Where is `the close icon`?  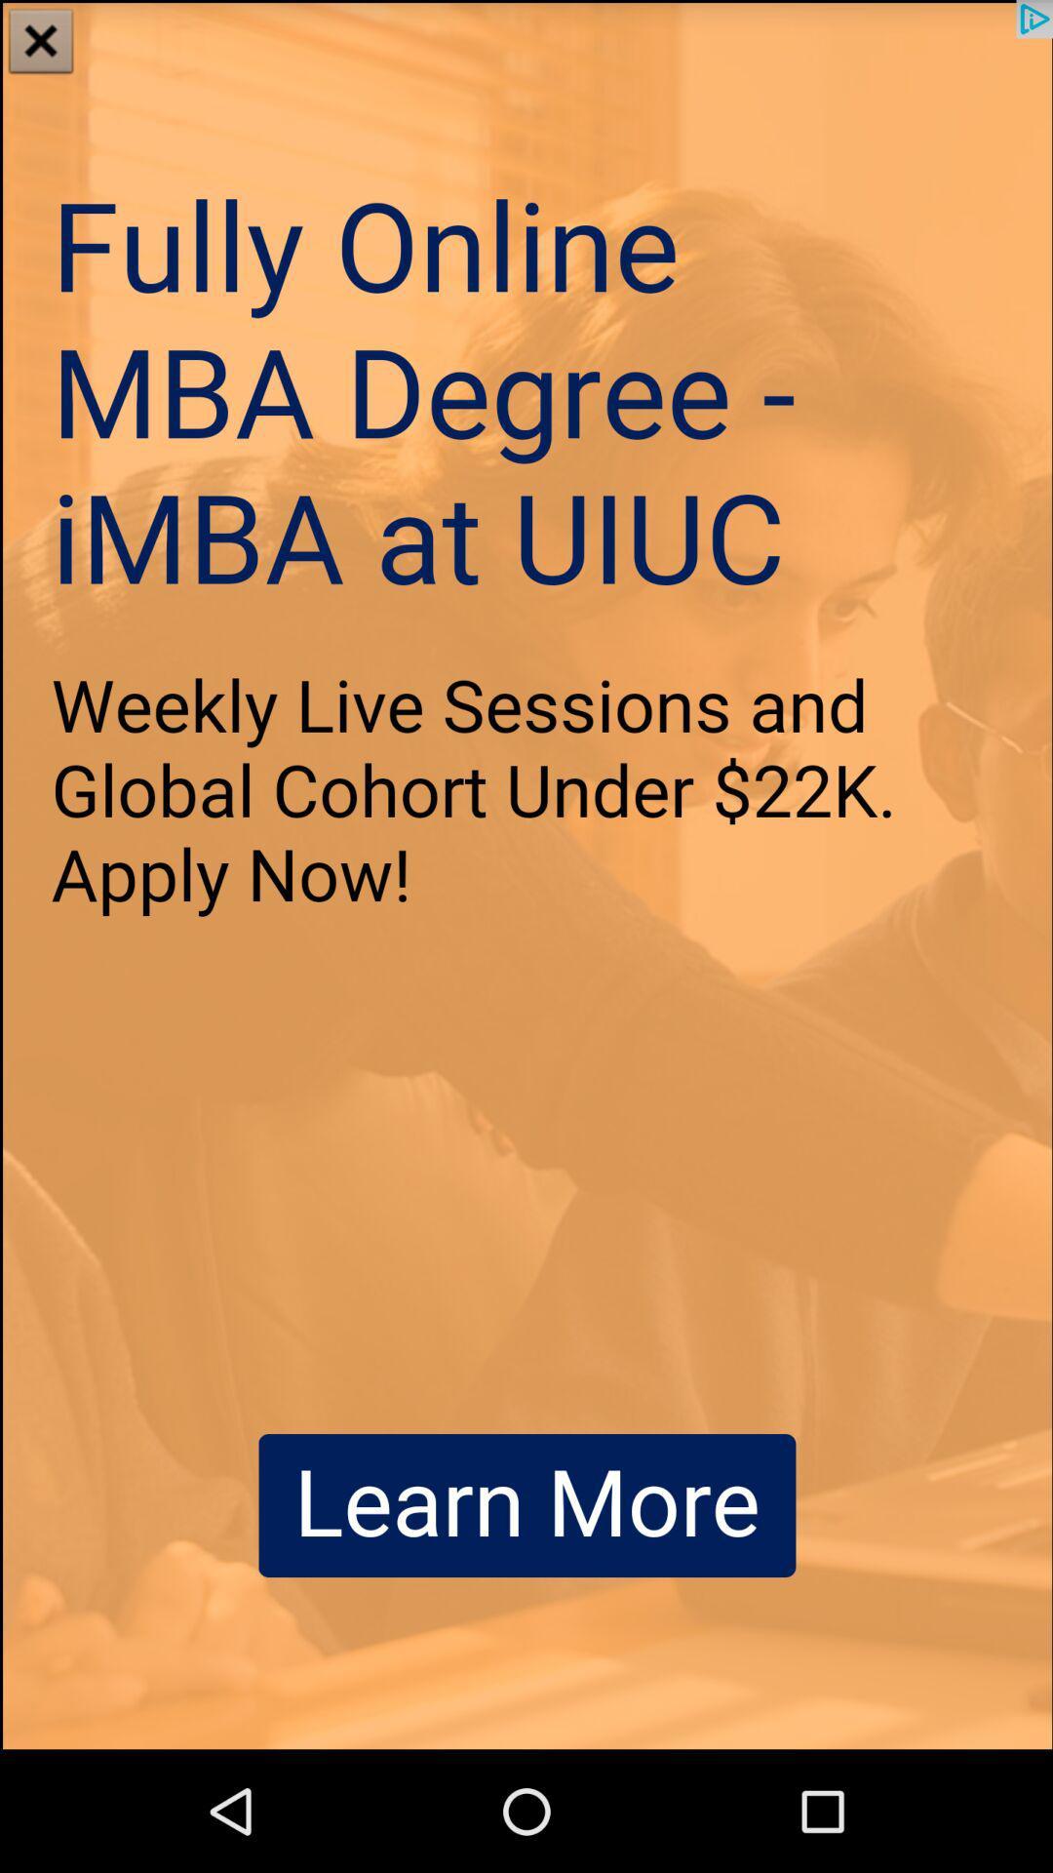 the close icon is located at coordinates (41, 43).